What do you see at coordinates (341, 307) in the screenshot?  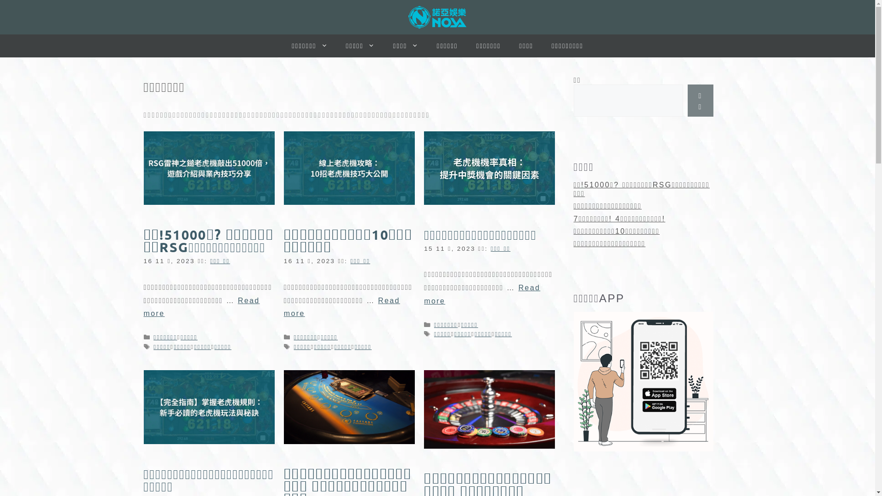 I see `'Read more'` at bounding box center [341, 307].